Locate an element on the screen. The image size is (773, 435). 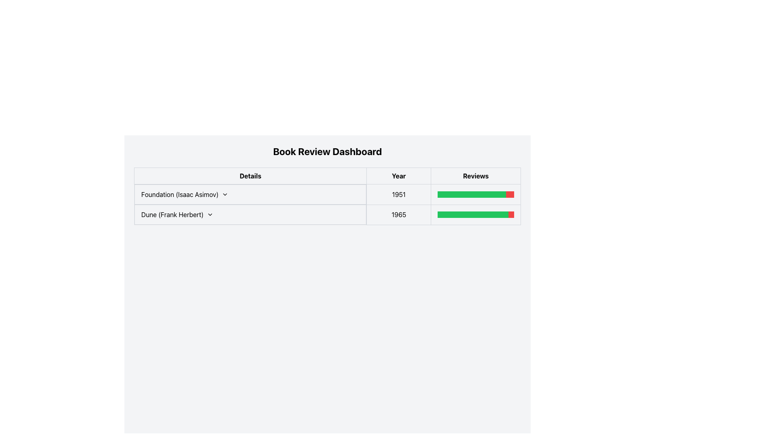
the progress bar in the 'Reviews' column for the book 'Dune (Frank Herbert)' (1965), which is styled with a larger green section and a smaller red section is located at coordinates (476, 214).